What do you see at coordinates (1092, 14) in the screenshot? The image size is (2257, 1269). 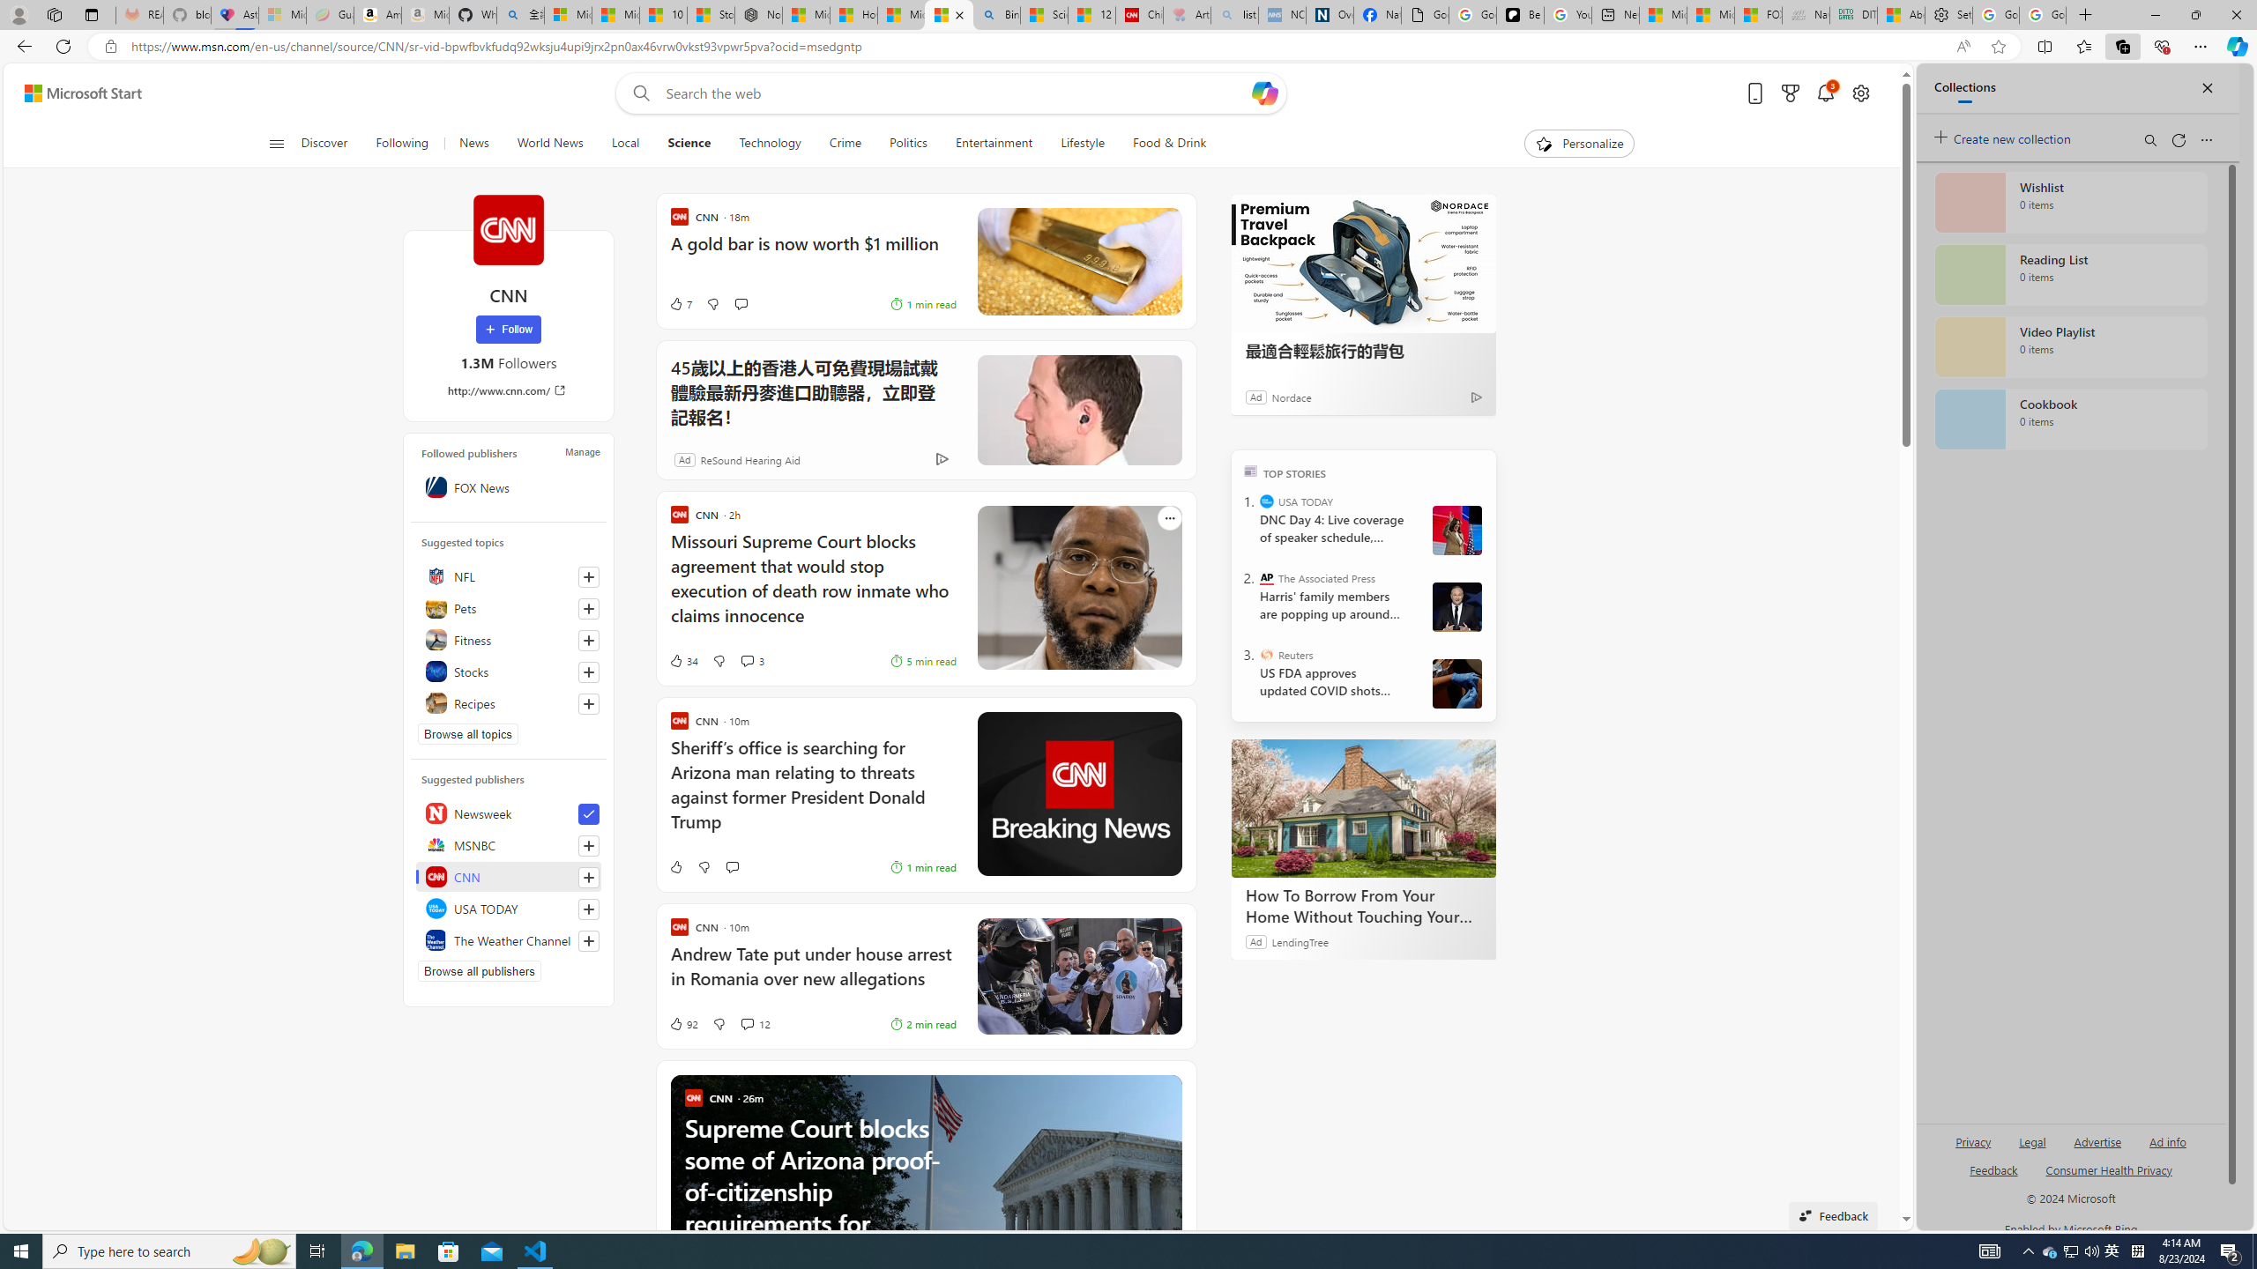 I see `'12 Popular Science Lies that Must be Corrected'` at bounding box center [1092, 14].